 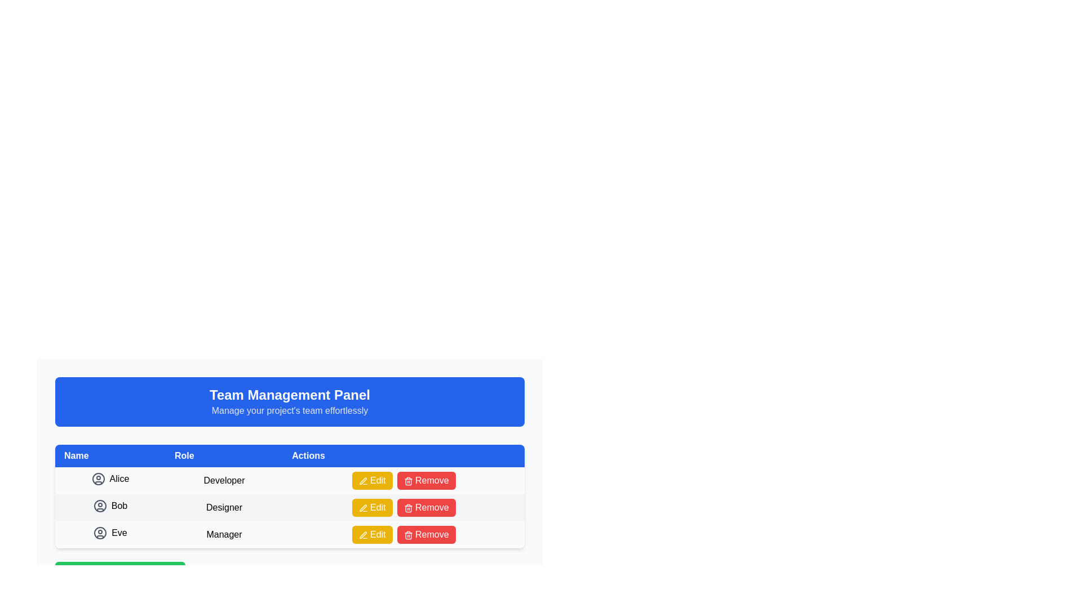 What do you see at coordinates (363, 508) in the screenshot?
I see `the small pen icon in the 'Actions' column of the middle row` at bounding box center [363, 508].